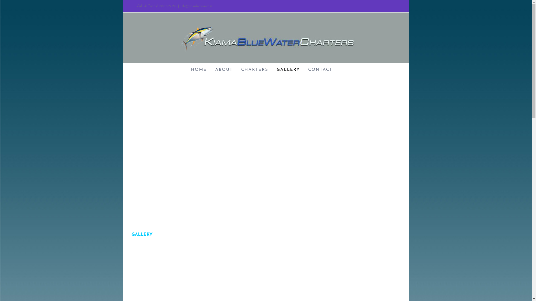 This screenshot has height=301, width=536. Describe the element at coordinates (199, 69) in the screenshot. I see `'HOME'` at that location.